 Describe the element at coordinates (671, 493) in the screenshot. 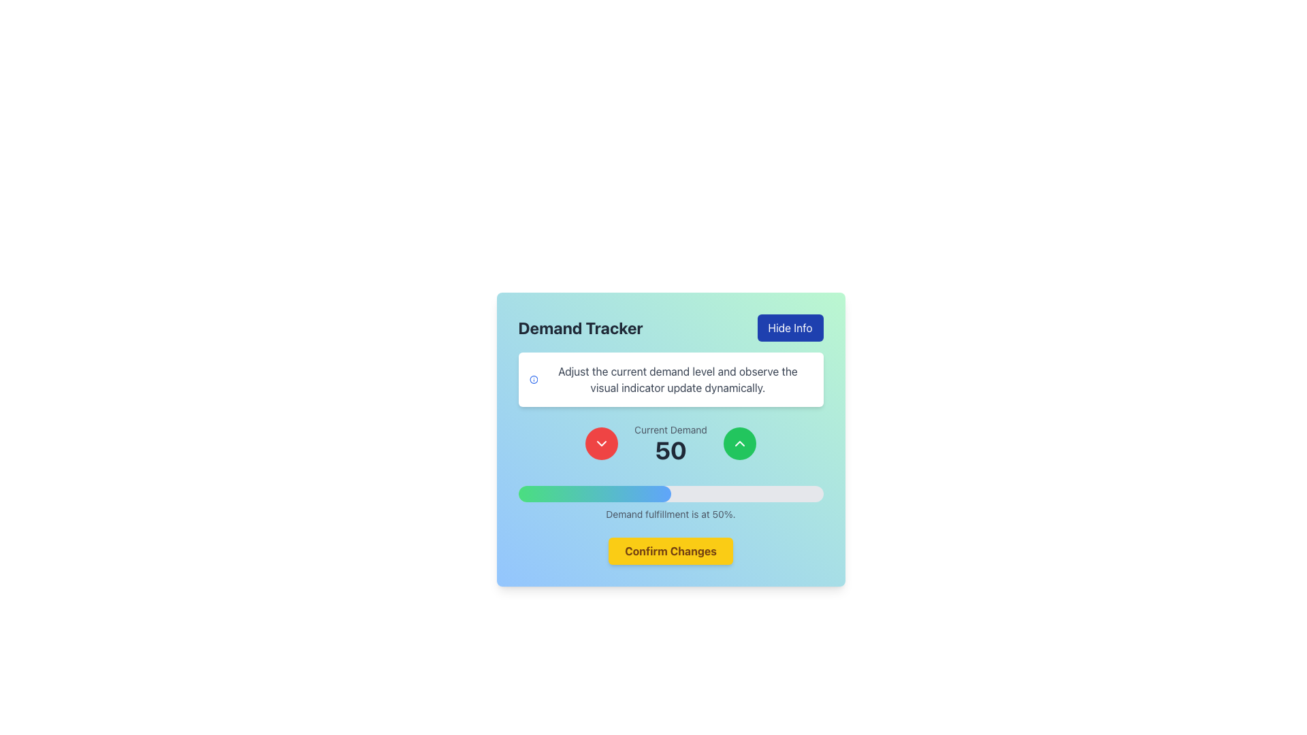

I see `the progress bar which is a rounded design with a light gray background and a gradient-filled active section from green to blue, indicating 50% completion` at that location.